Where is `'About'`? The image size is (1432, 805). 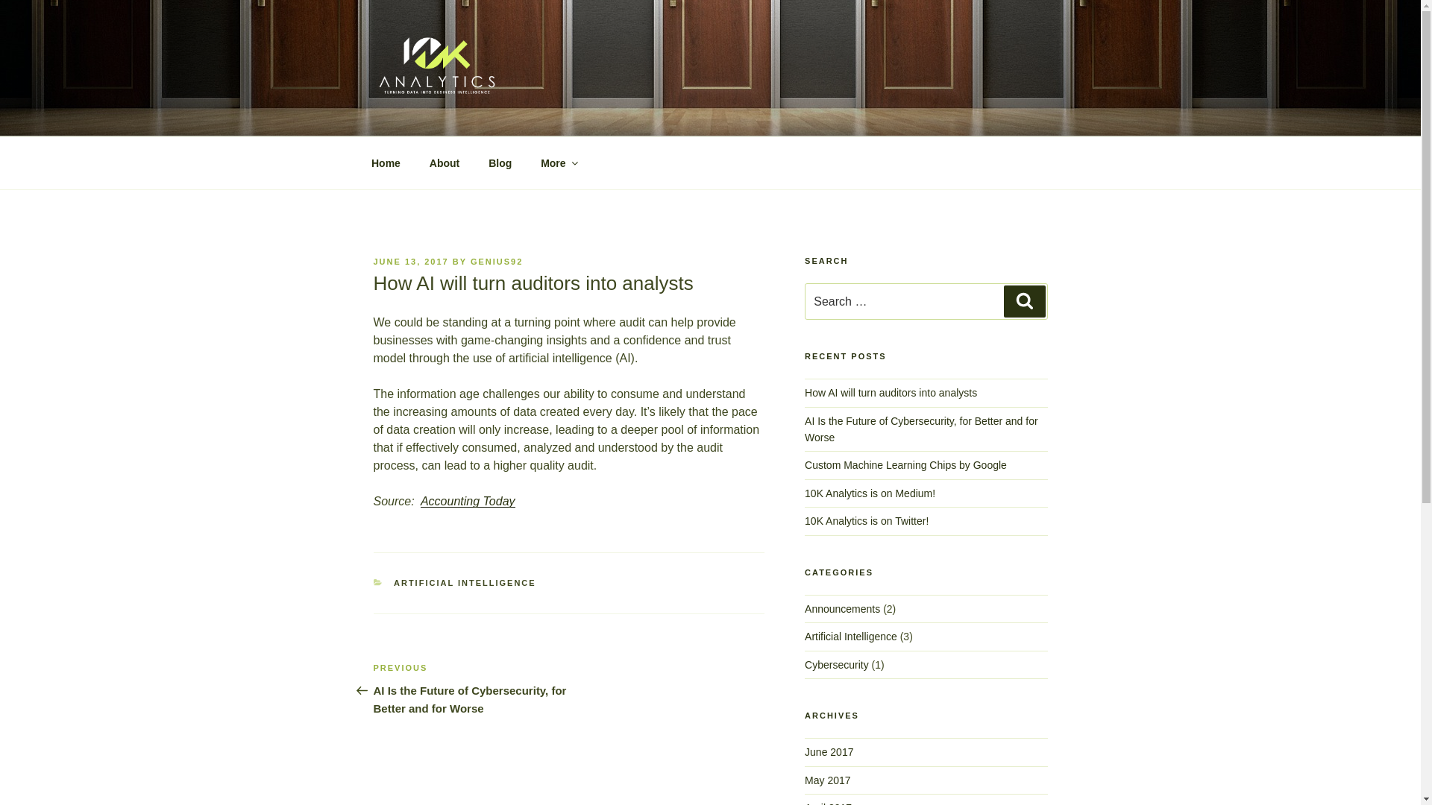
'About' is located at coordinates (443, 162).